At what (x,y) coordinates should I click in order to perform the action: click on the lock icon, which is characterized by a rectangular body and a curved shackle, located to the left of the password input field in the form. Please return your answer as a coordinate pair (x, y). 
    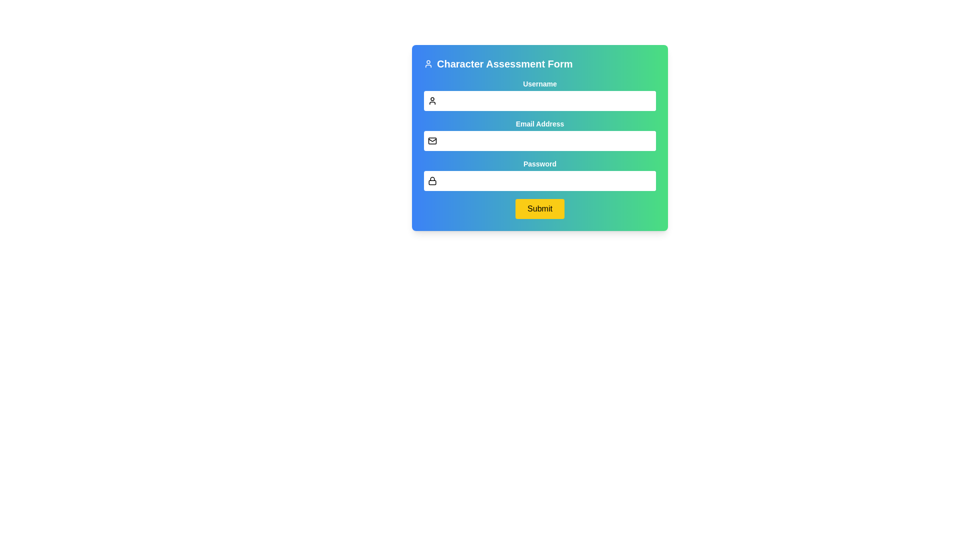
    Looking at the image, I should click on (432, 181).